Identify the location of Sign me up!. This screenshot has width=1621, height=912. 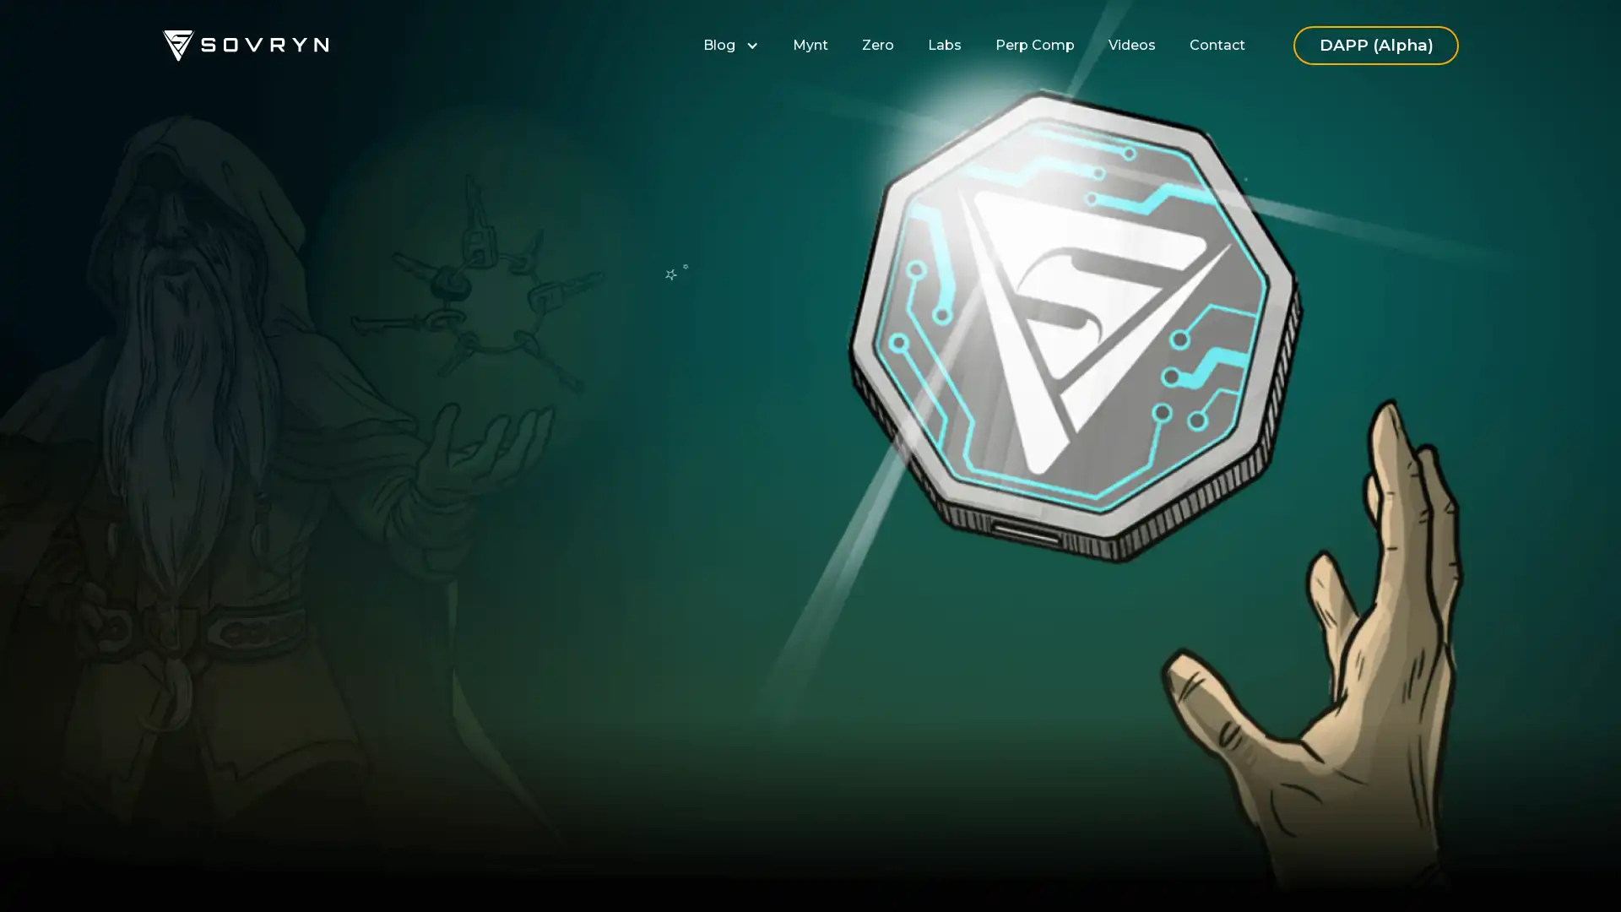
(604, 565).